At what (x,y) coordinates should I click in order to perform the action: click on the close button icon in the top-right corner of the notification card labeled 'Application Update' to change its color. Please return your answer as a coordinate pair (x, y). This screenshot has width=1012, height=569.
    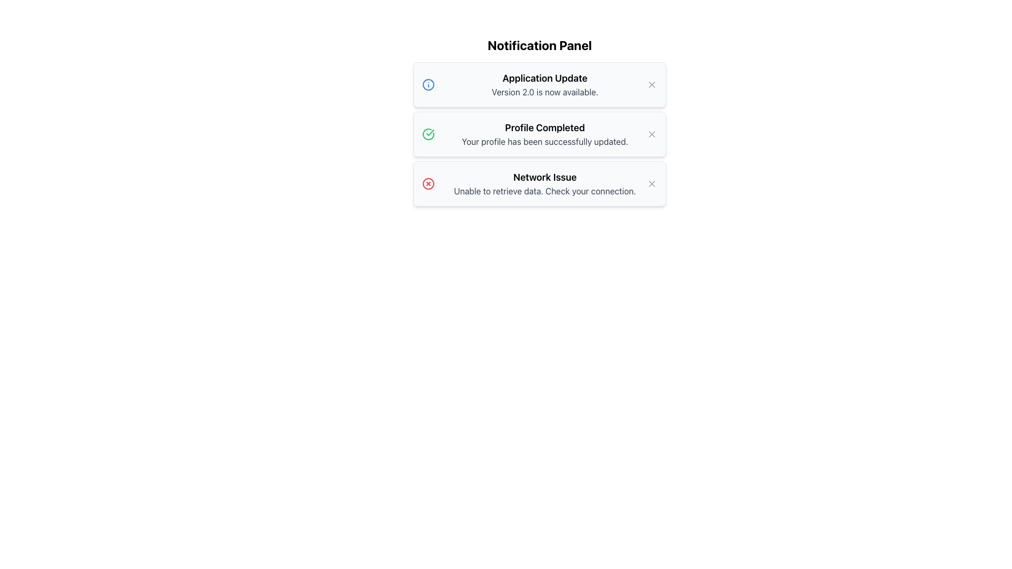
    Looking at the image, I should click on (651, 84).